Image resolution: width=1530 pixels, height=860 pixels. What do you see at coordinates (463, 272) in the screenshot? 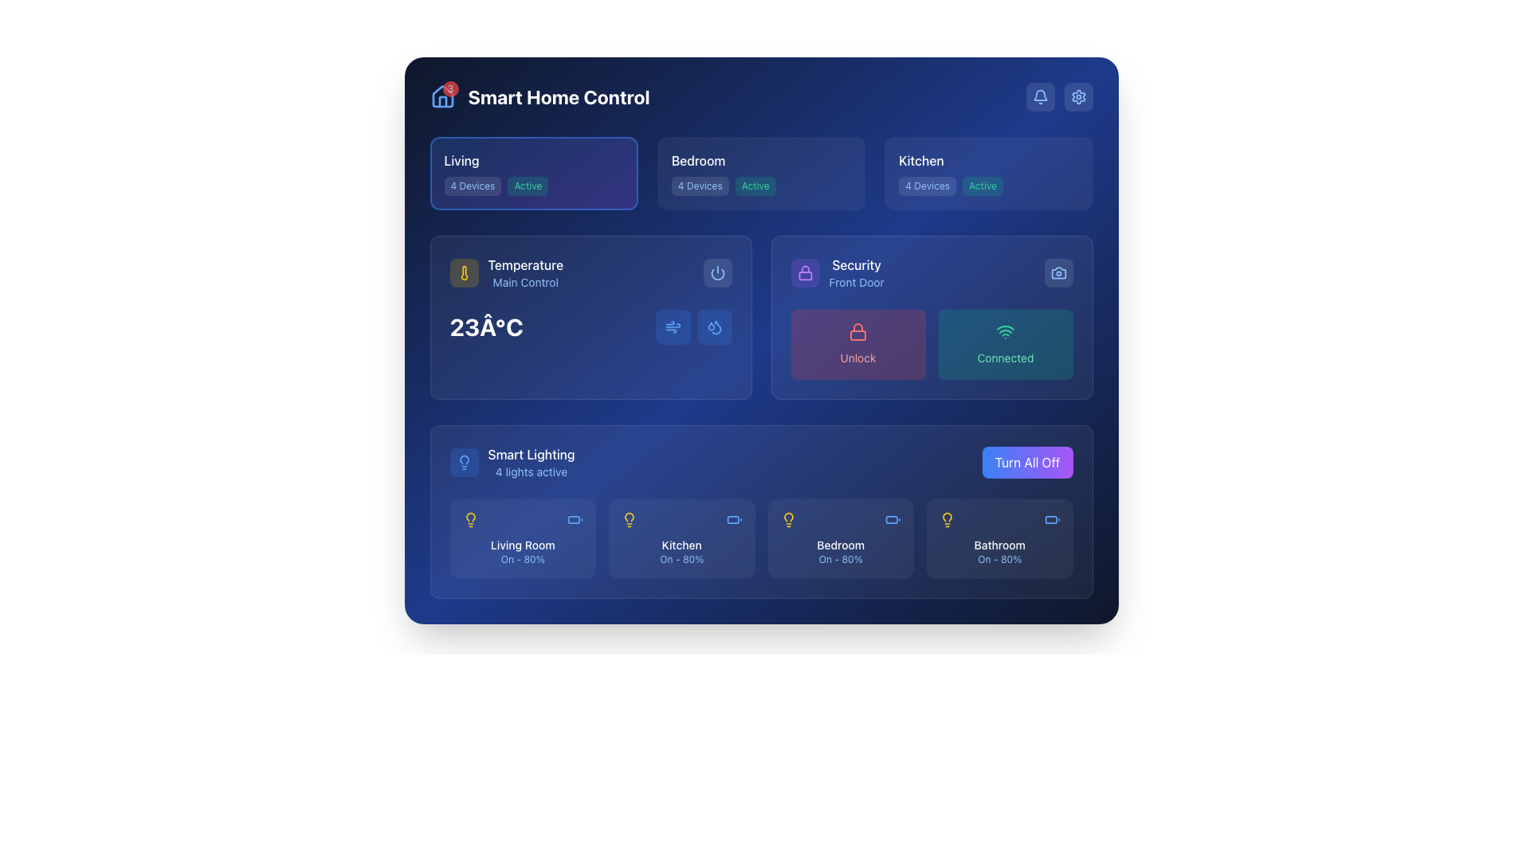
I see `the temperature control icon located in the top-left area of the 'Temperature' section in the 'Main Control' card, above the '23°C' temperature display` at bounding box center [463, 272].